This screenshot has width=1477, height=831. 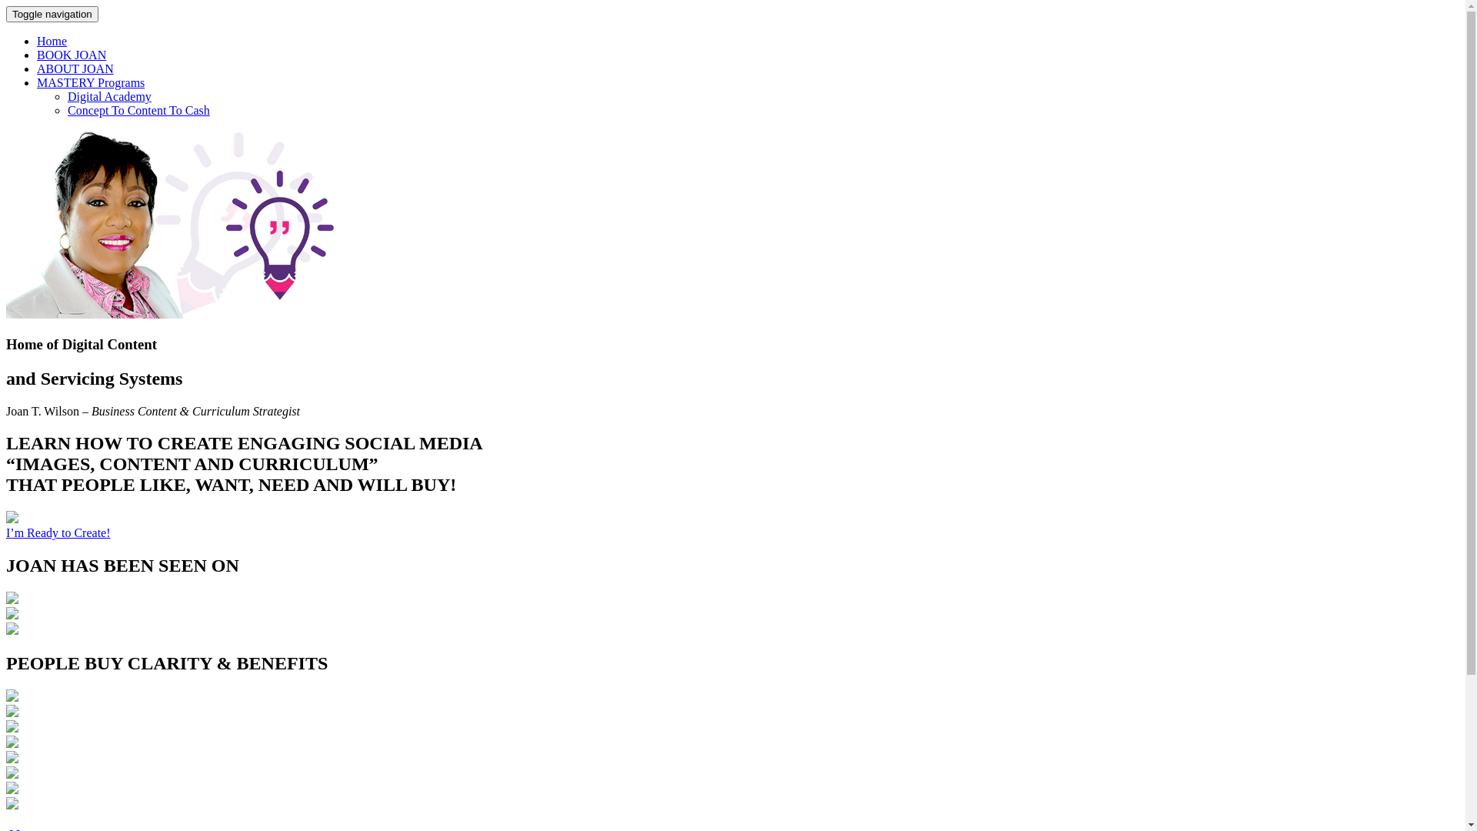 I want to click on 'ABOUT JOAN', so click(x=74, y=68).